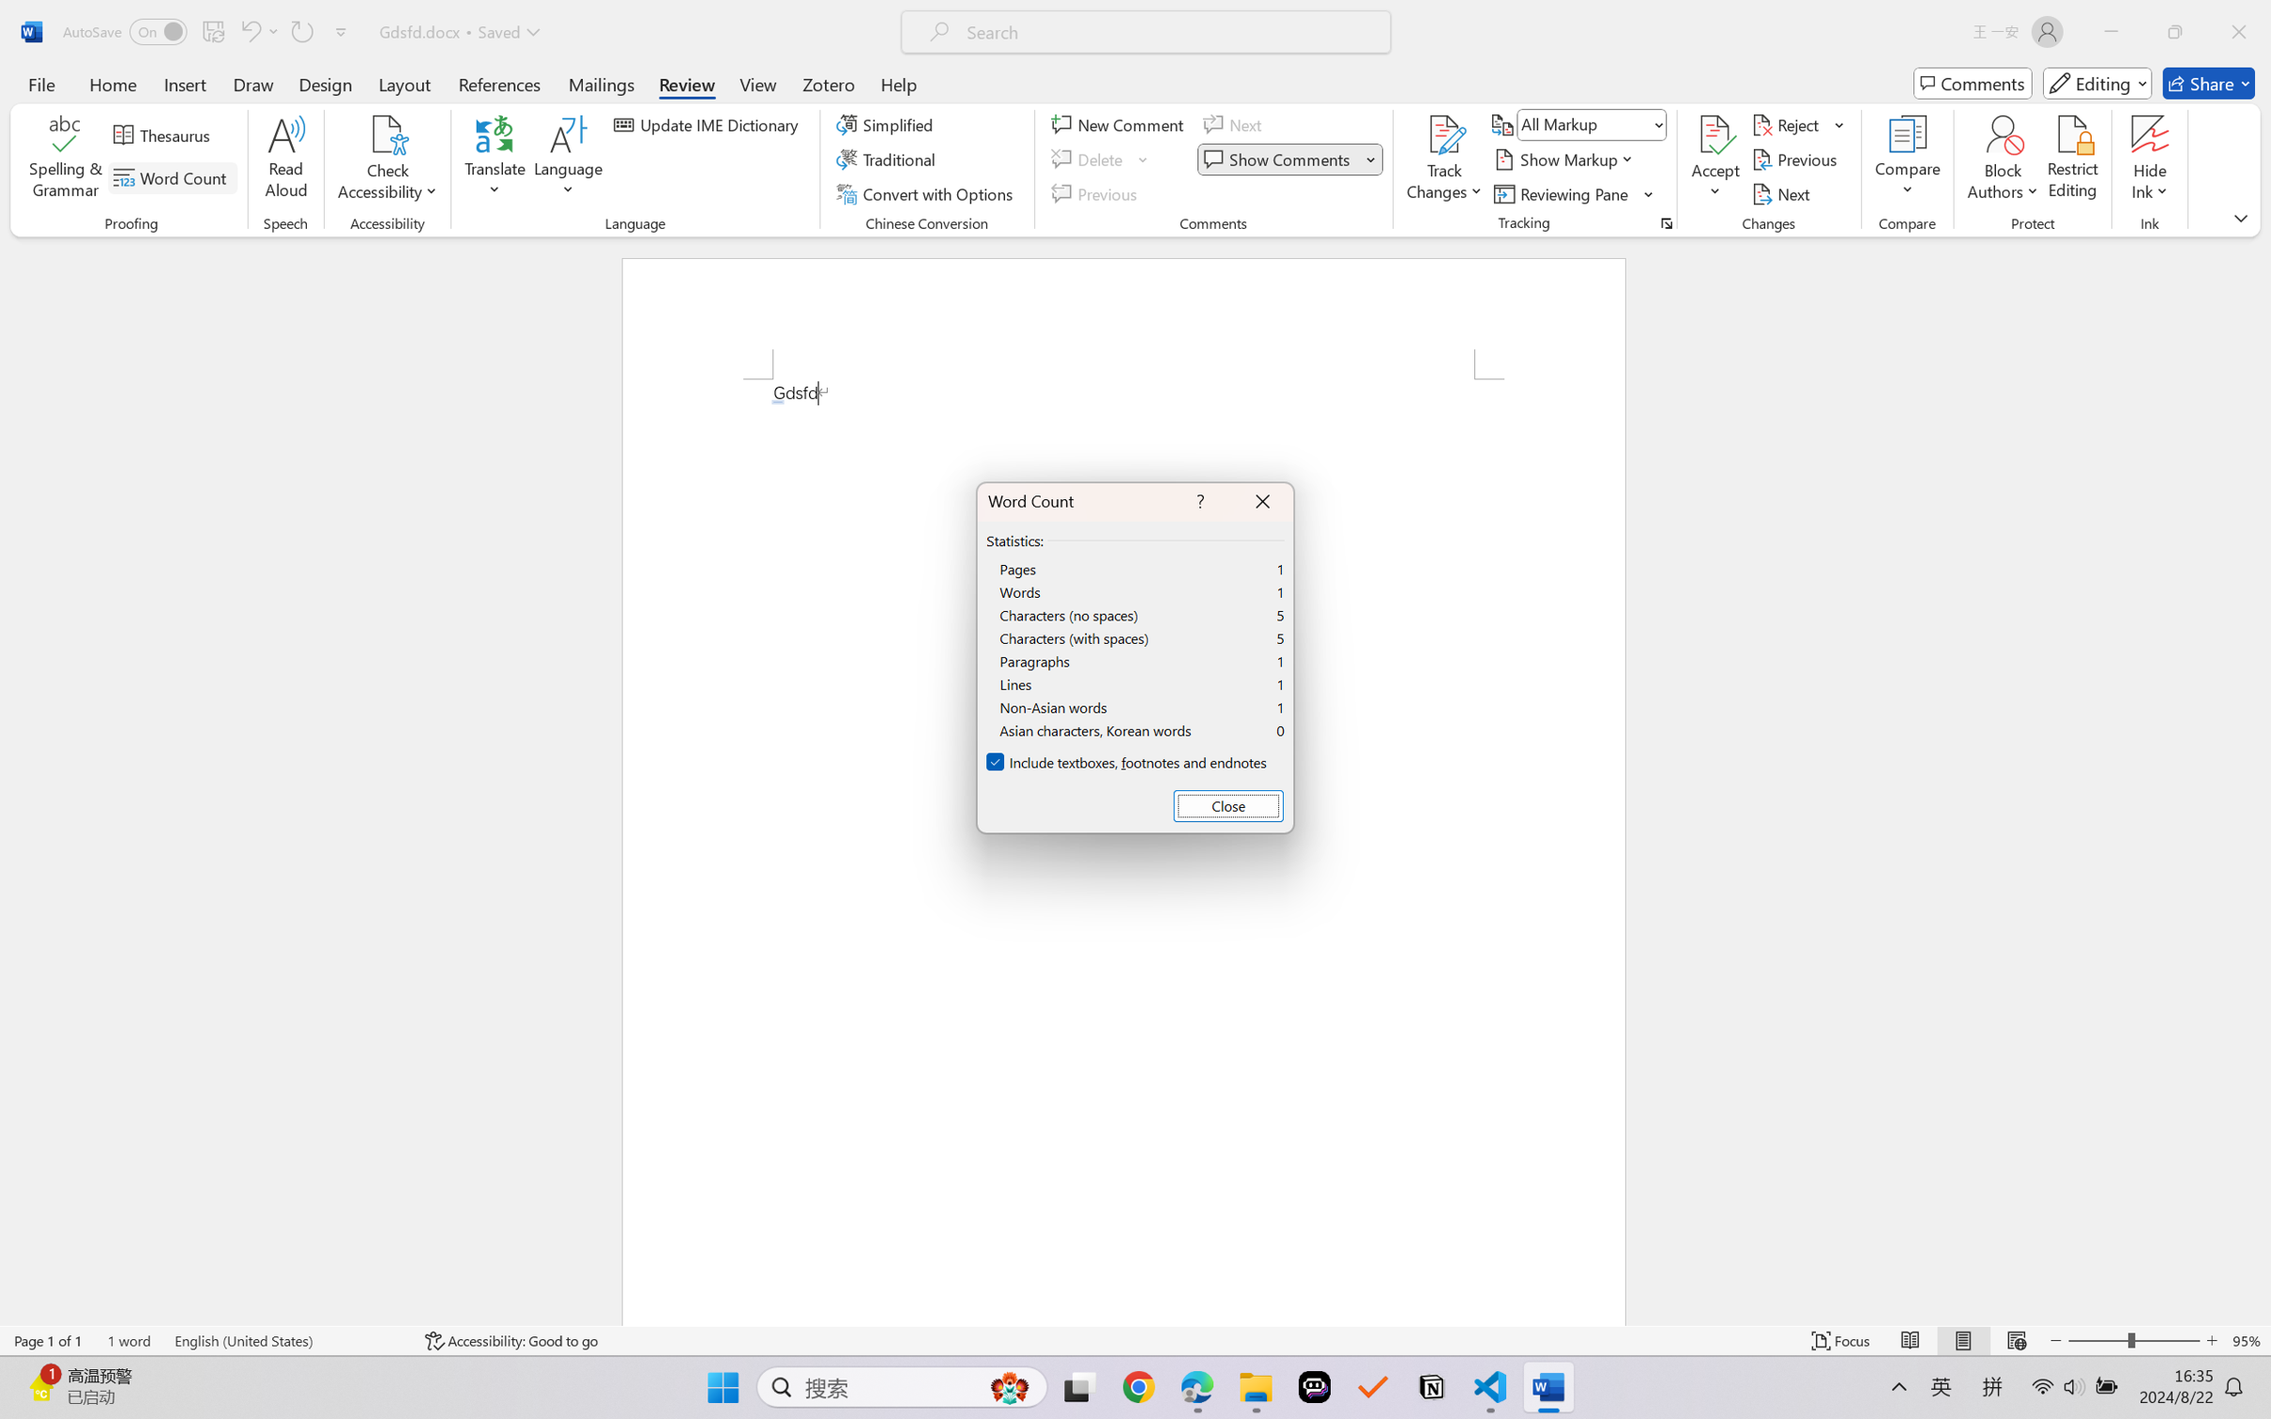  I want to click on 'Block Authors', so click(2002, 134).